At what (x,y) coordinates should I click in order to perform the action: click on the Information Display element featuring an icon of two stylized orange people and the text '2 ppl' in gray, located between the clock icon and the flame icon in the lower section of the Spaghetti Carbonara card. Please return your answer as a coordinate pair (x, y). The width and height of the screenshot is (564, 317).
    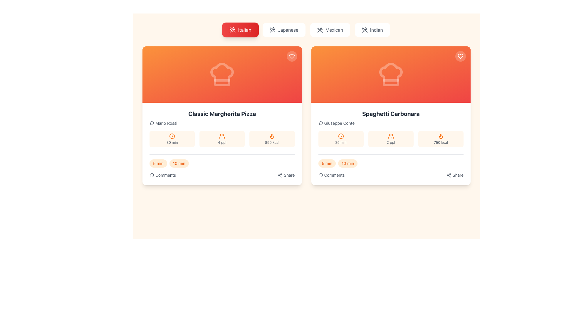
    Looking at the image, I should click on (391, 139).